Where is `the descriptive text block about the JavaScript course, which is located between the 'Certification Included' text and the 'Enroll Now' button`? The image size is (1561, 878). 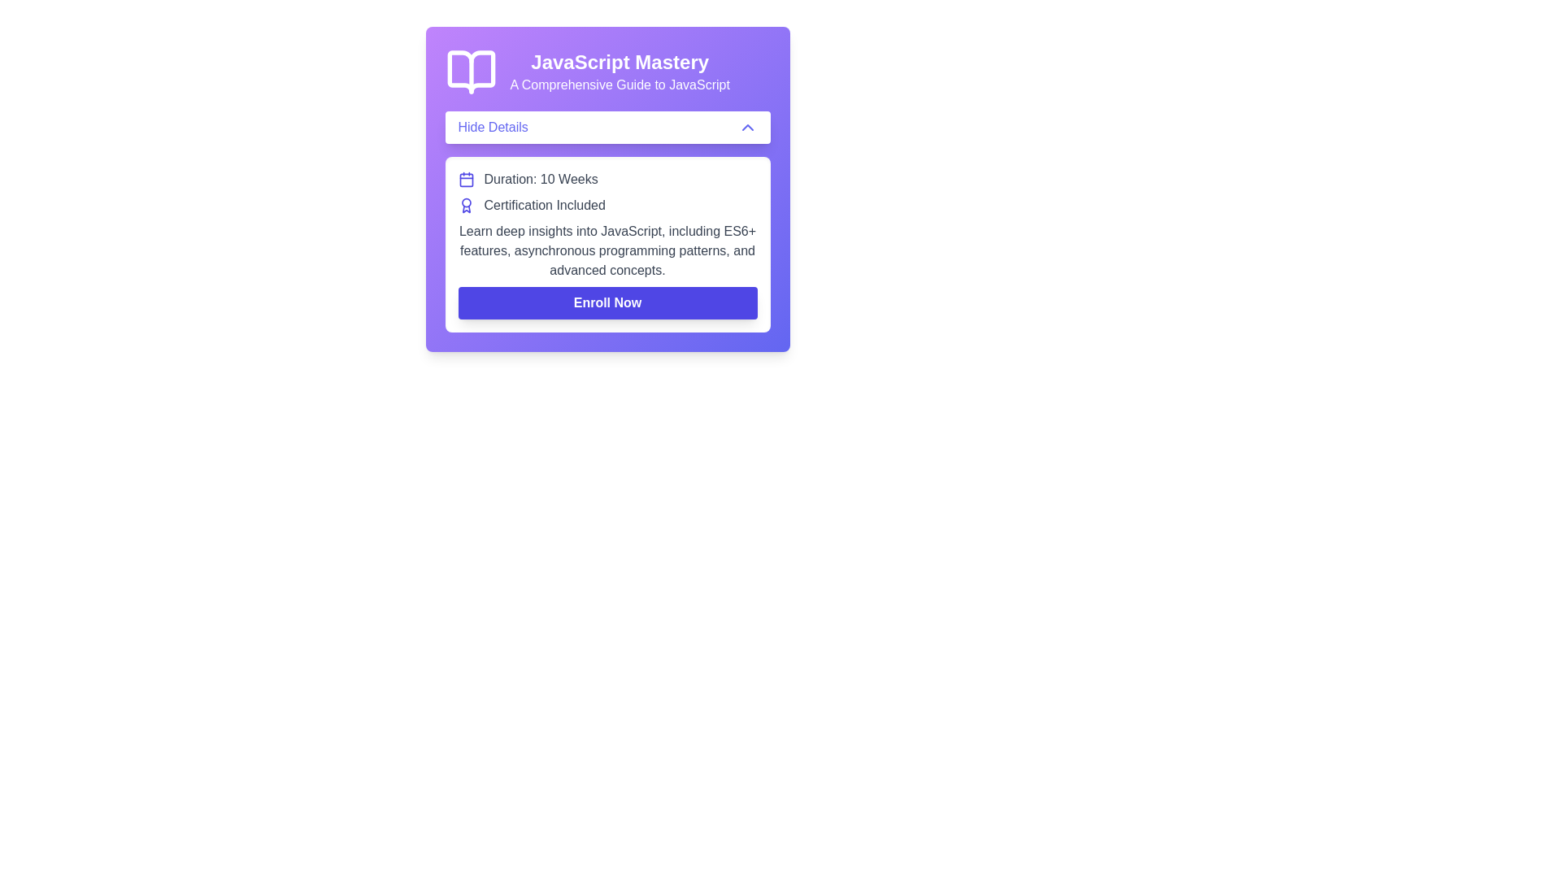
the descriptive text block about the JavaScript course, which is located between the 'Certification Included' text and the 'Enroll Now' button is located at coordinates (607, 250).